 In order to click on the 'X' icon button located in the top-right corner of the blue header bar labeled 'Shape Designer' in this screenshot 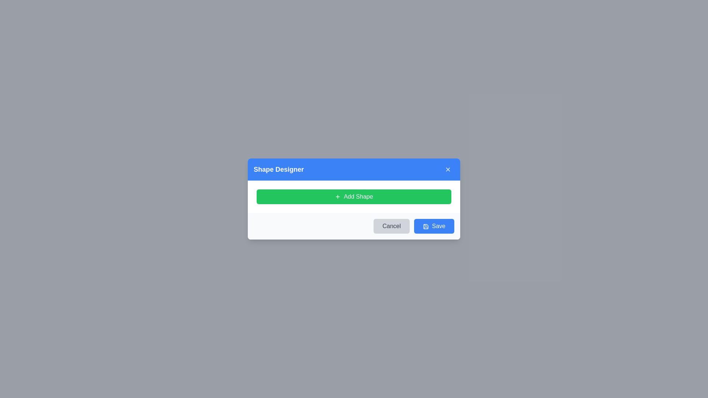, I will do `click(447, 169)`.